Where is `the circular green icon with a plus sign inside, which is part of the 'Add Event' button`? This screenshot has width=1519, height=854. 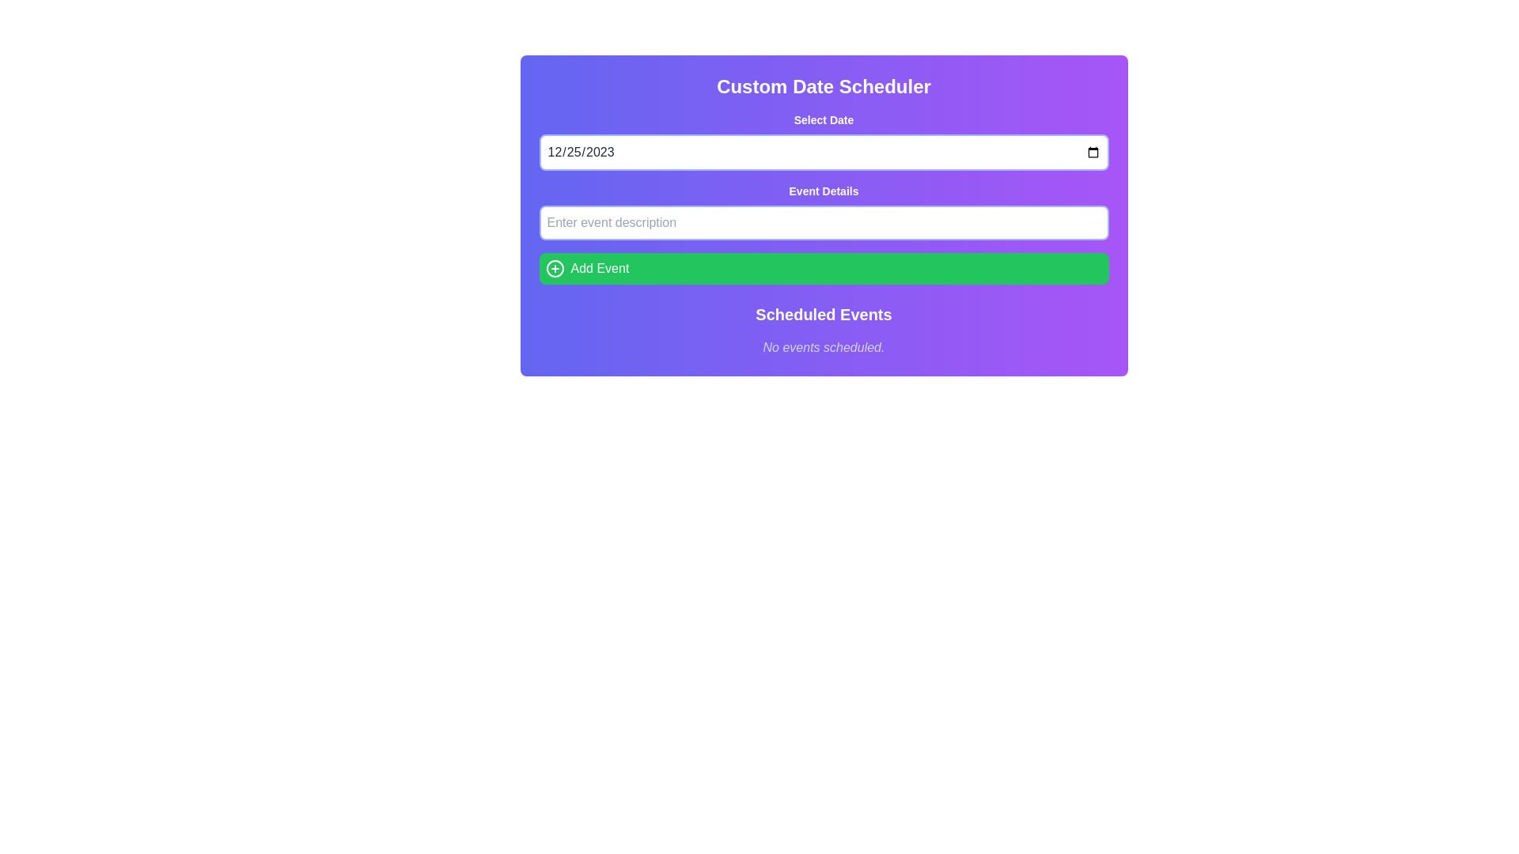 the circular green icon with a plus sign inside, which is part of the 'Add Event' button is located at coordinates (555, 267).